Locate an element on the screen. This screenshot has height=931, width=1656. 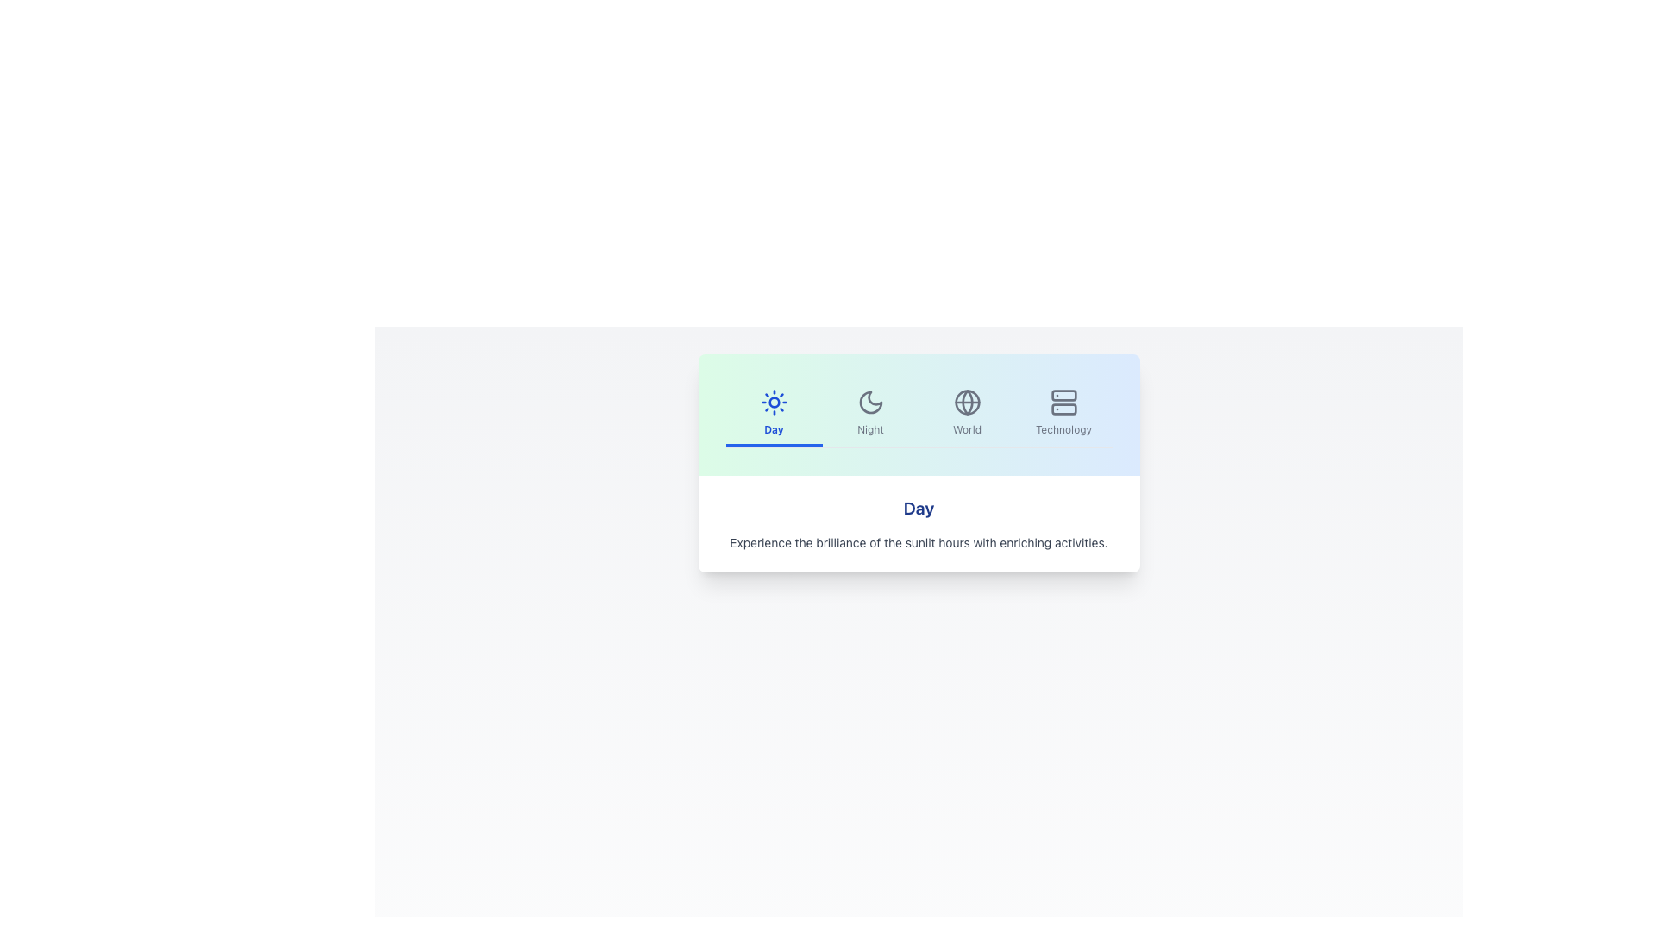
the second rectangular subcomponent within the server icon, which is positioned in the bottom half of the icon is located at coordinates (1063, 409).